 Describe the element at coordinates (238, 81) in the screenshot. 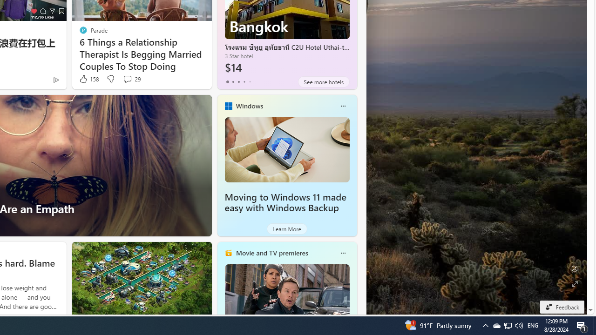

I see `'tab-2'` at that location.